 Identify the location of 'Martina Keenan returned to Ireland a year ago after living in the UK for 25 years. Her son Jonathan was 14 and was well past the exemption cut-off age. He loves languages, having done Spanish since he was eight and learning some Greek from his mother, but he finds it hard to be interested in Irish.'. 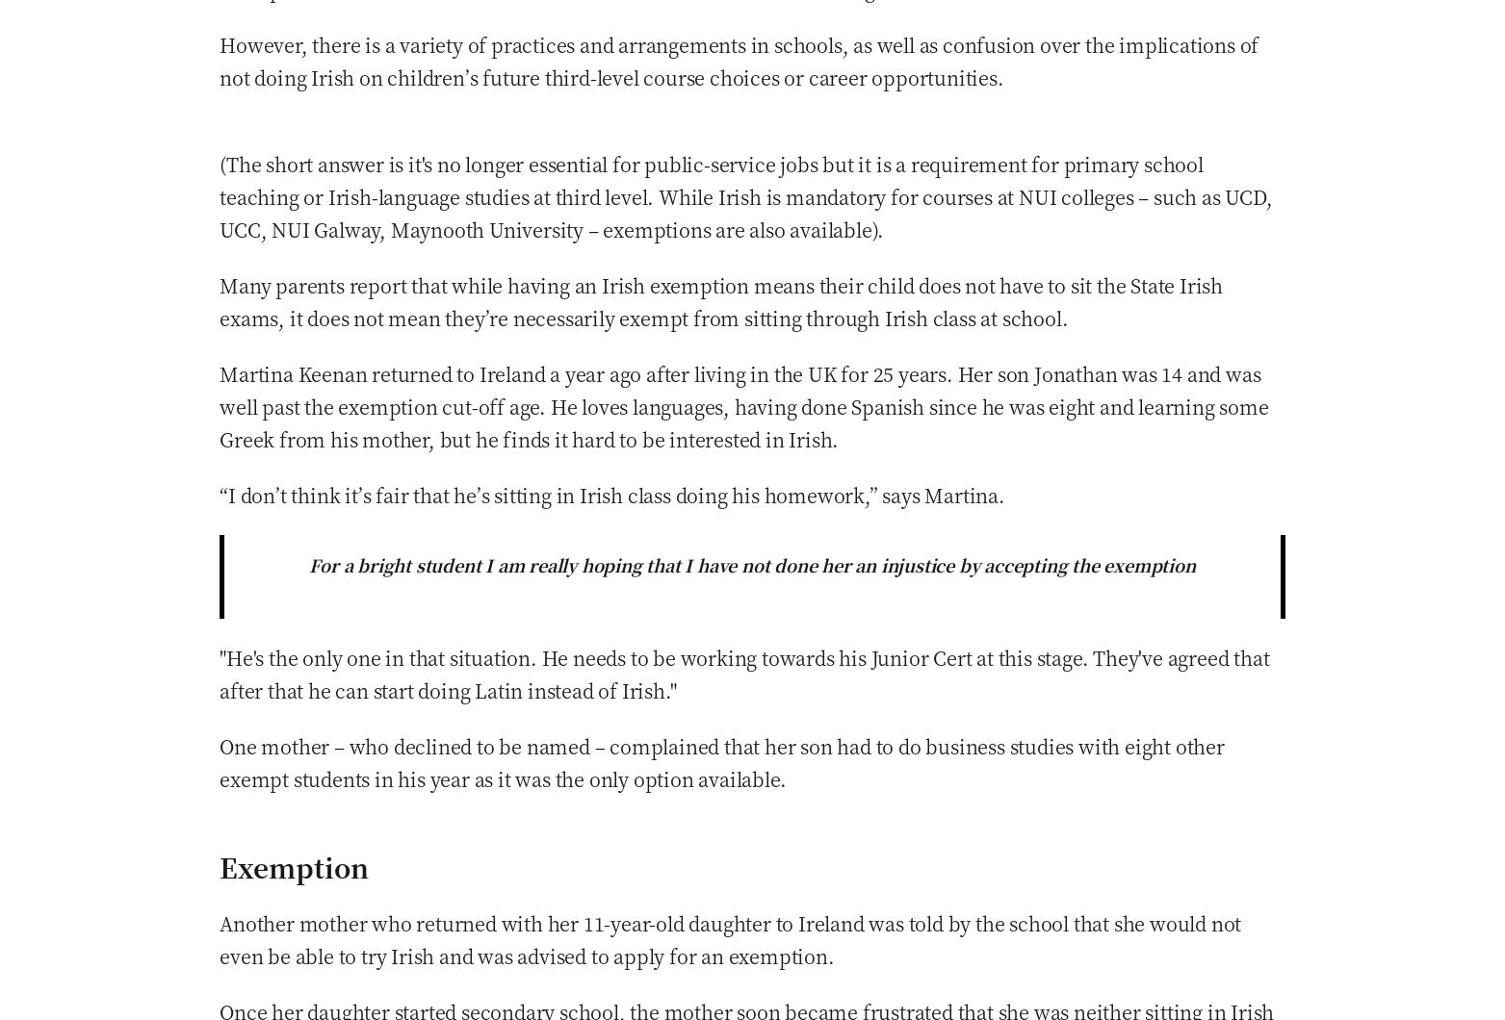
(219, 404).